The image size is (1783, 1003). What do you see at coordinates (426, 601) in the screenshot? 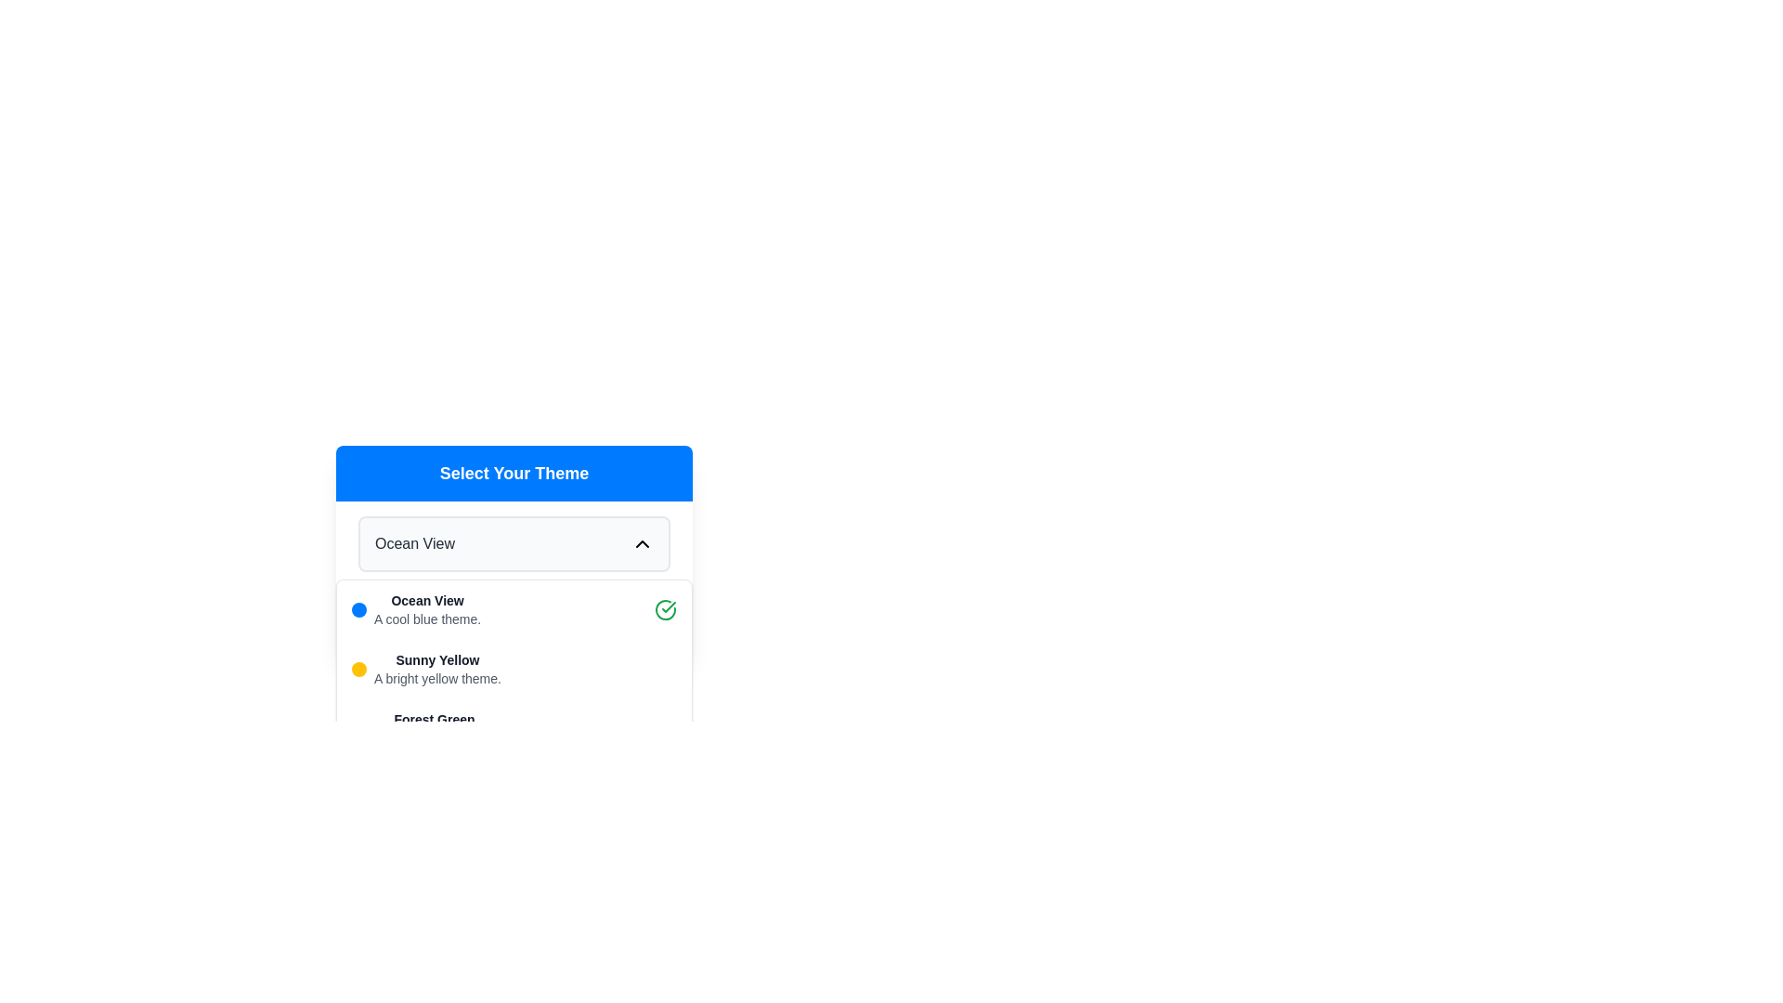
I see `the 'Ocean View' text label located in the dropdown menu titled 'Select Your Theme' for accessibility purposes` at bounding box center [426, 601].